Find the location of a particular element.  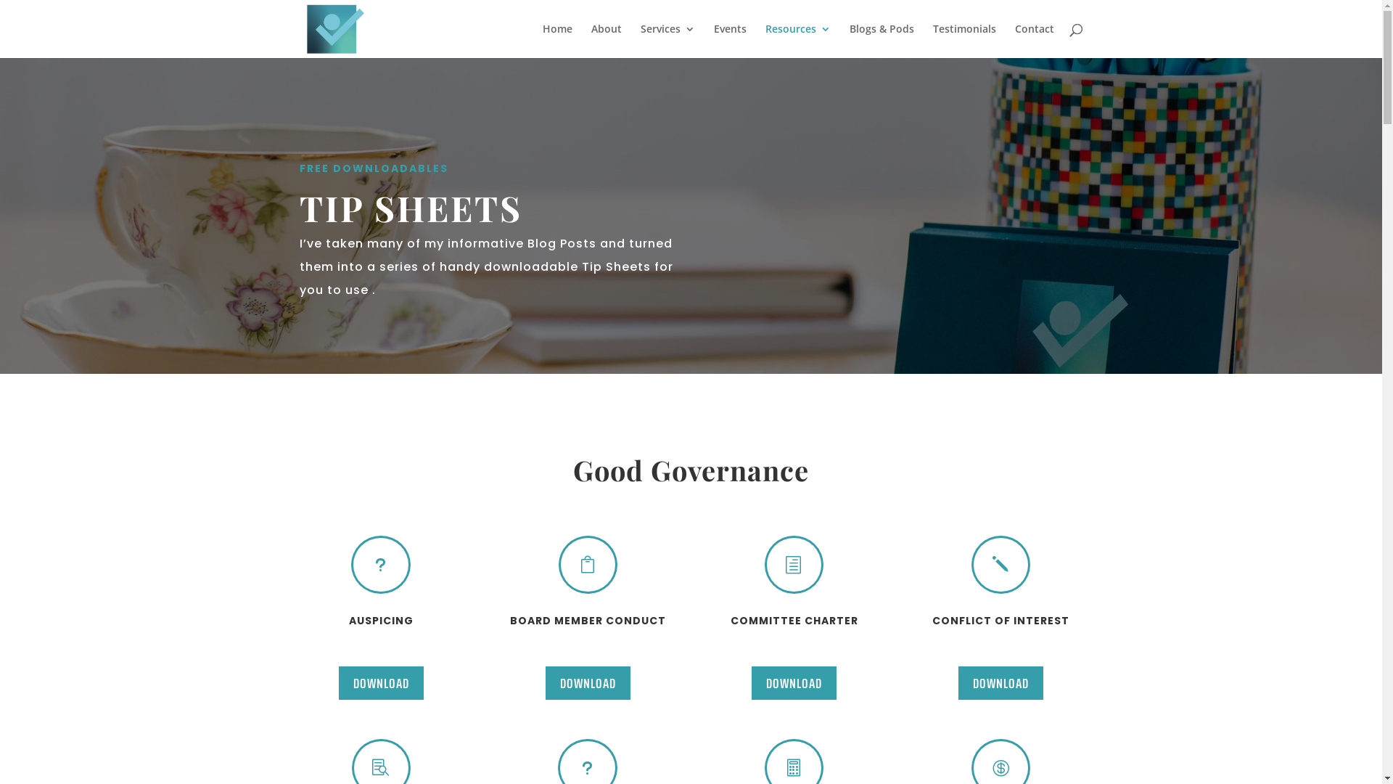

'Services' is located at coordinates (666, 40).